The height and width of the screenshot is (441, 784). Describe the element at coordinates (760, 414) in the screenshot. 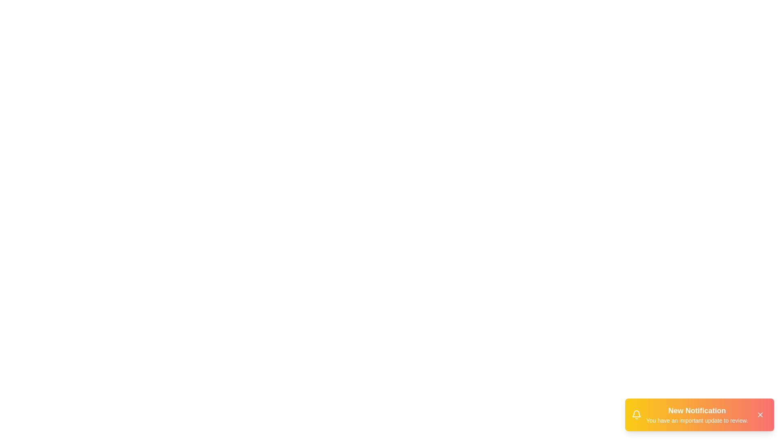

I see `the close button of the AlertSnackbar` at that location.